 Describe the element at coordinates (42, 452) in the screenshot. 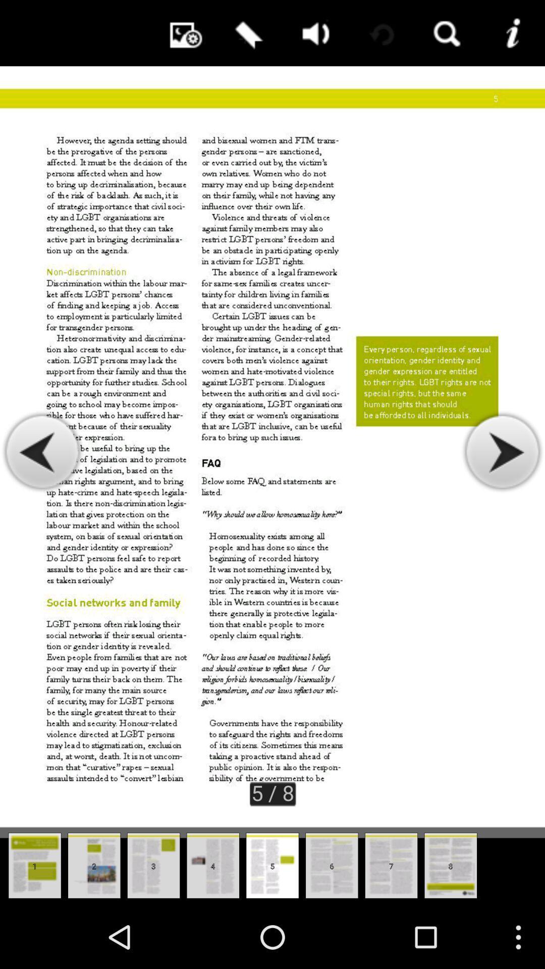

I see `go back` at that location.